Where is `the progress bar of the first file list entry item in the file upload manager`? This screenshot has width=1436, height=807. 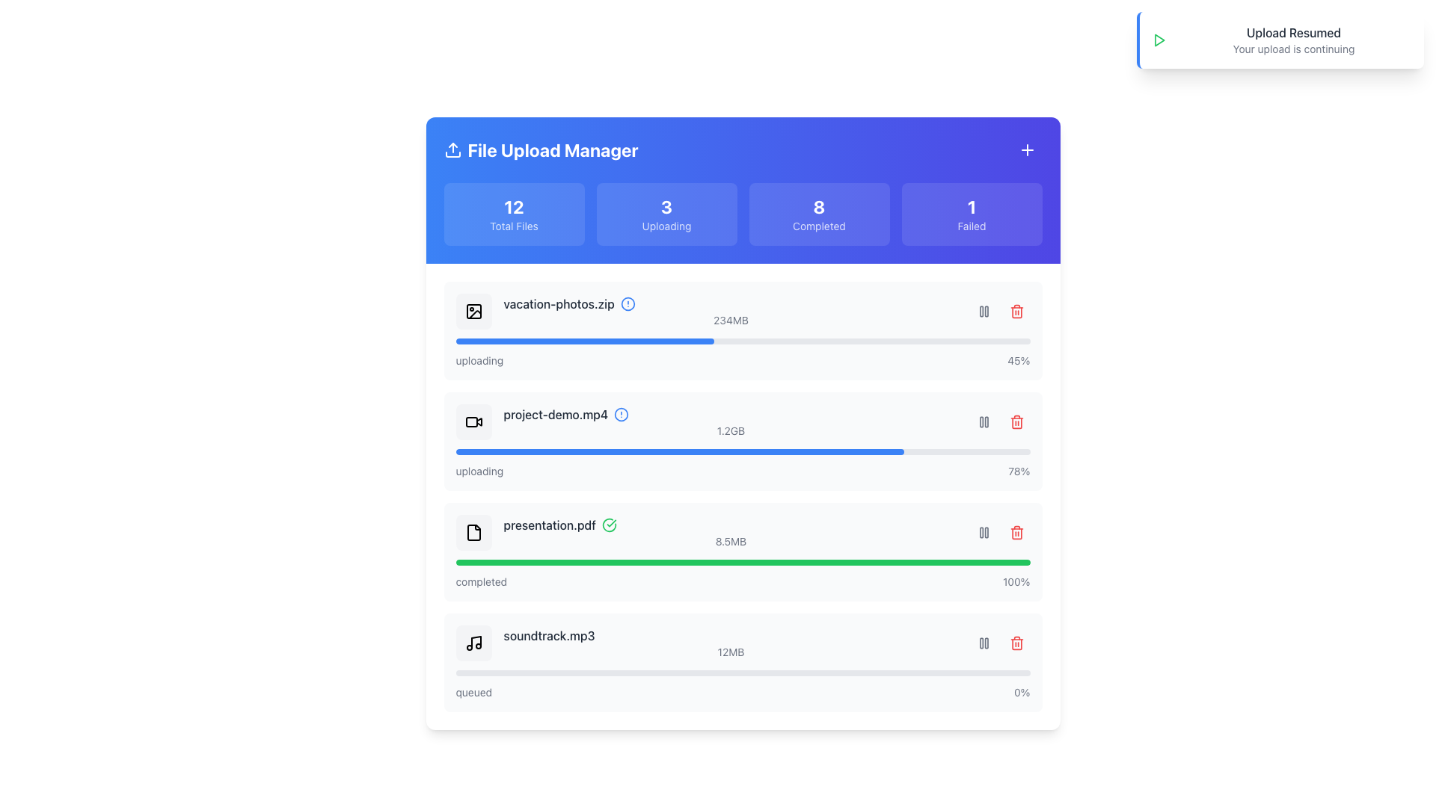 the progress bar of the first file list entry item in the file upload manager is located at coordinates (731, 310).